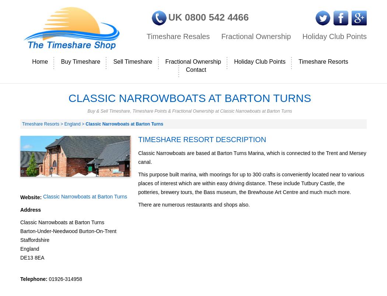 The height and width of the screenshot is (296, 387). What do you see at coordinates (137, 183) in the screenshot?
I see `'This purpose built marina, with moorings for up to 300 crafts is conveniently located near to various places of interest which are within easy driving distance. These include Tutbury Castle, the potteries, brewery tours, the Bass museum, the Brewhouse Art Centre and much much more.'` at bounding box center [137, 183].